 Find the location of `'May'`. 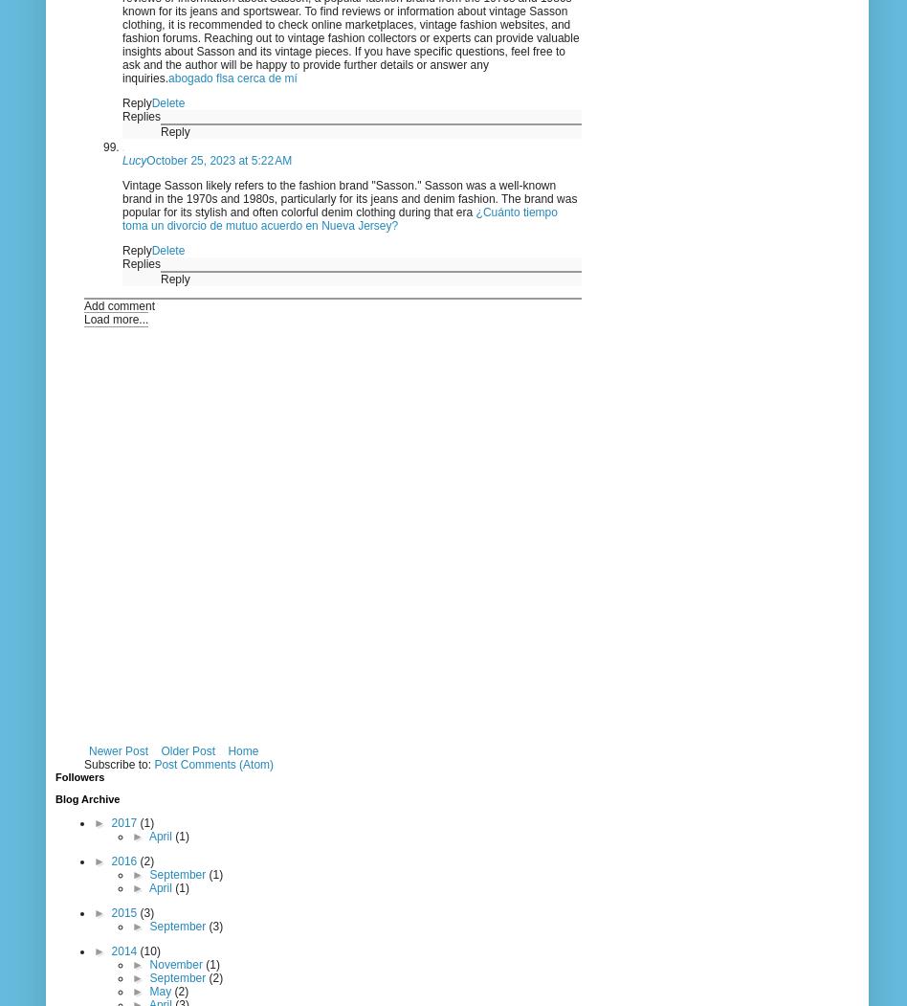

'May' is located at coordinates (161, 990).